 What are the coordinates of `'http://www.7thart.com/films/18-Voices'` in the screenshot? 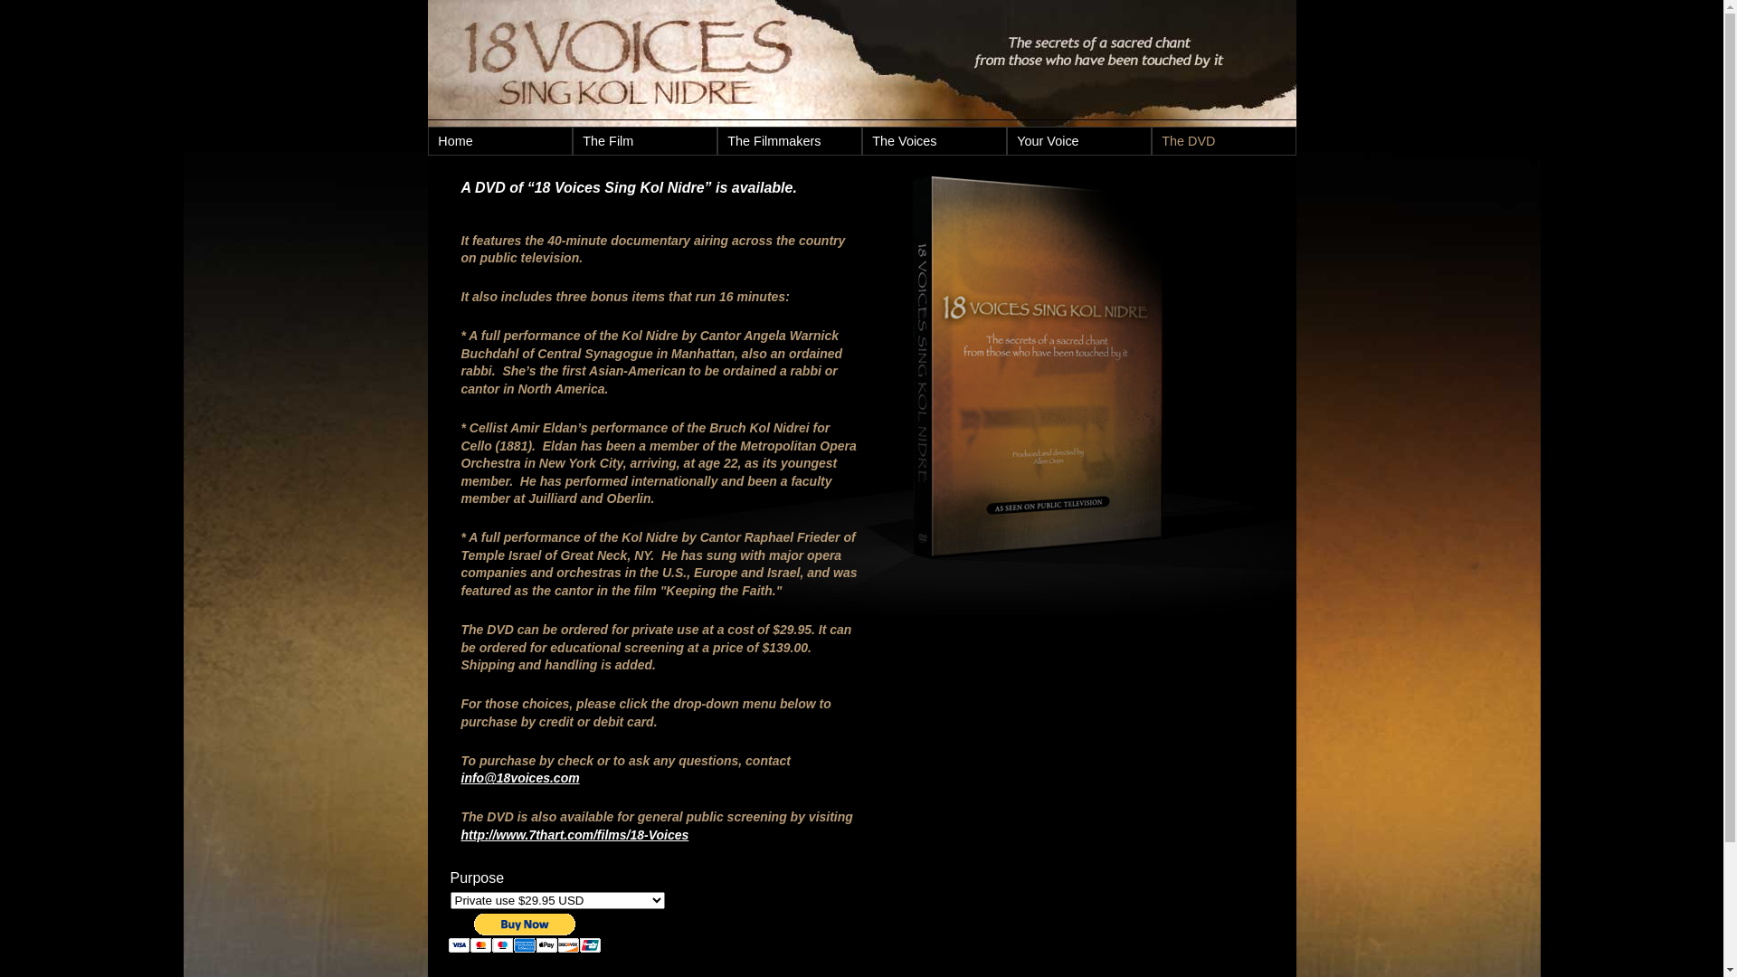 It's located at (574, 834).